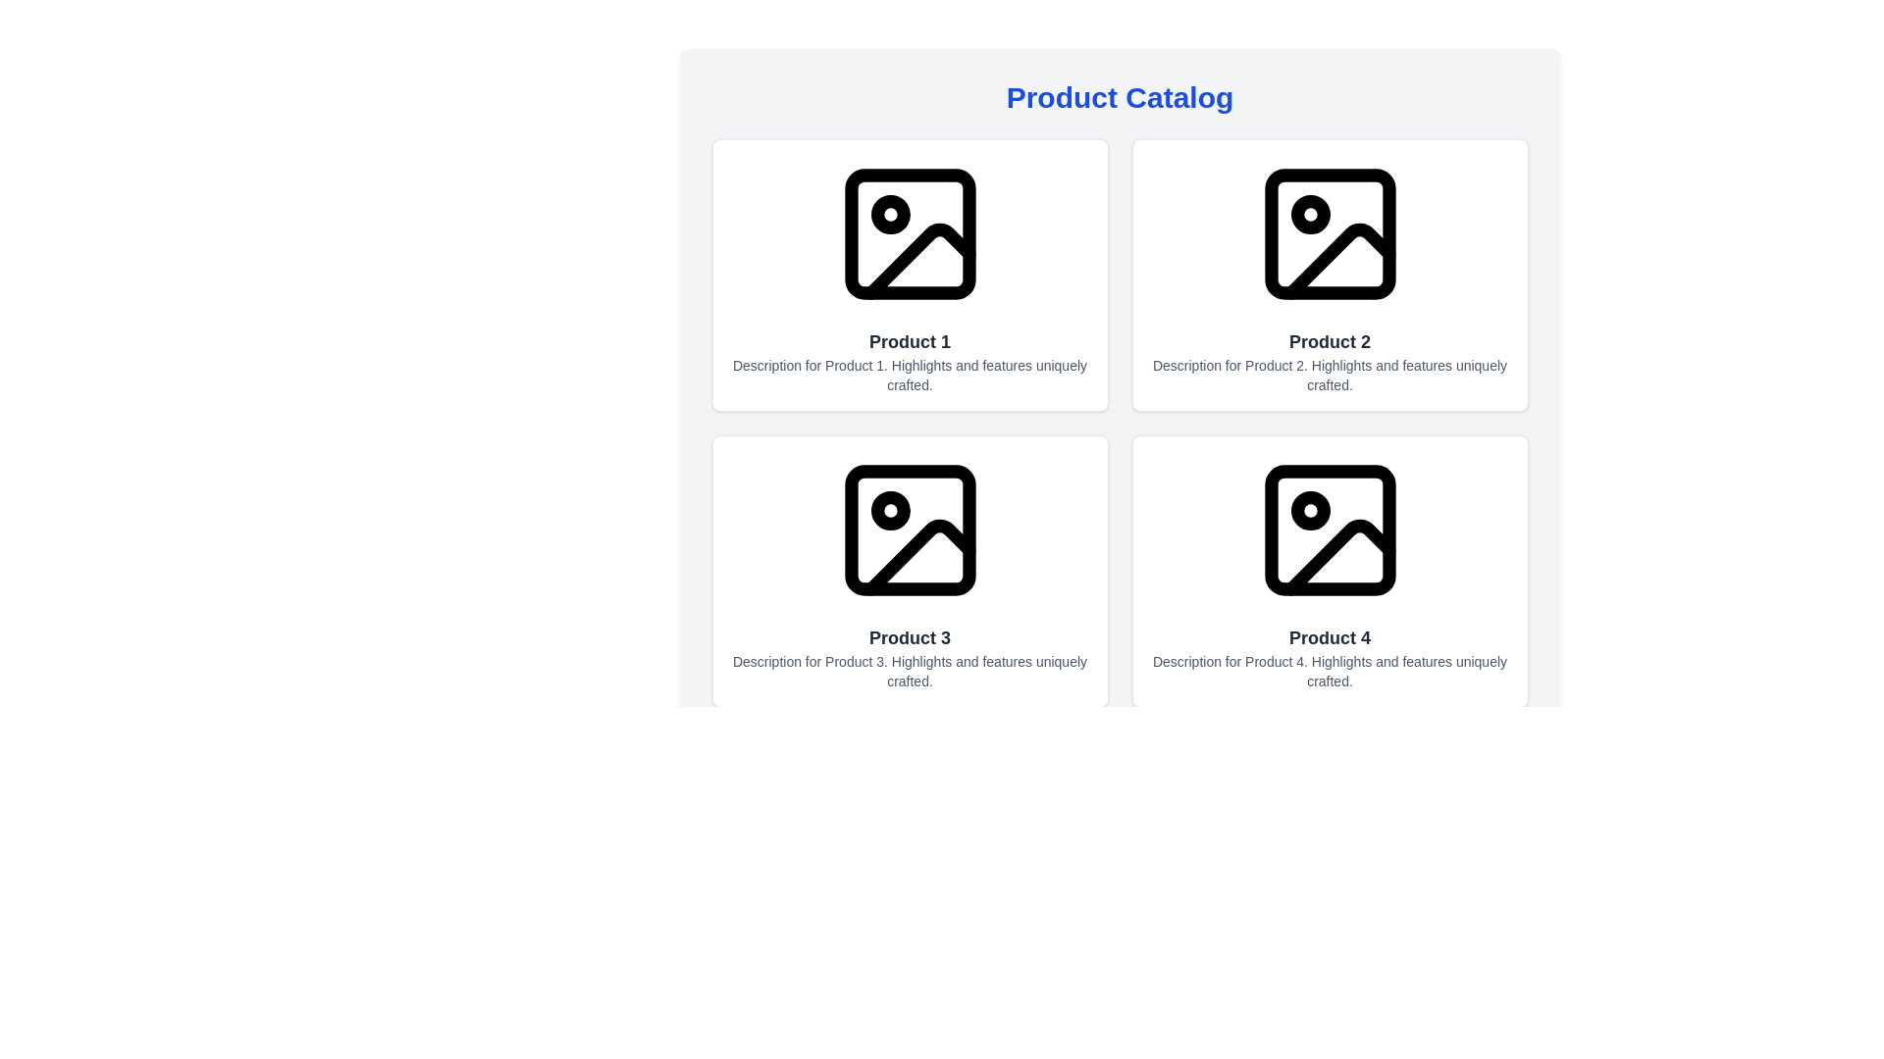 The height and width of the screenshot is (1059, 1884). Describe the element at coordinates (909, 233) in the screenshot. I see `the small rectangle with rounded corners within the SVG image of the image placeholder icon located in the Product 1 card` at that location.